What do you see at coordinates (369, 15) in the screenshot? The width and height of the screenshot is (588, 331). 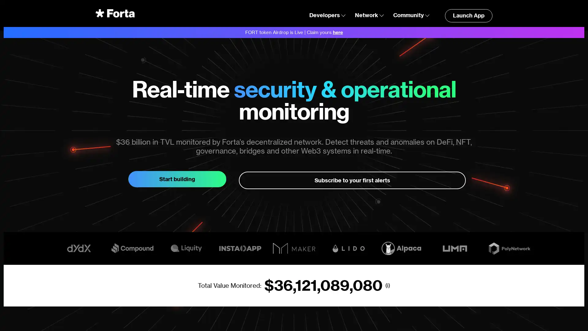 I see `Network` at bounding box center [369, 15].